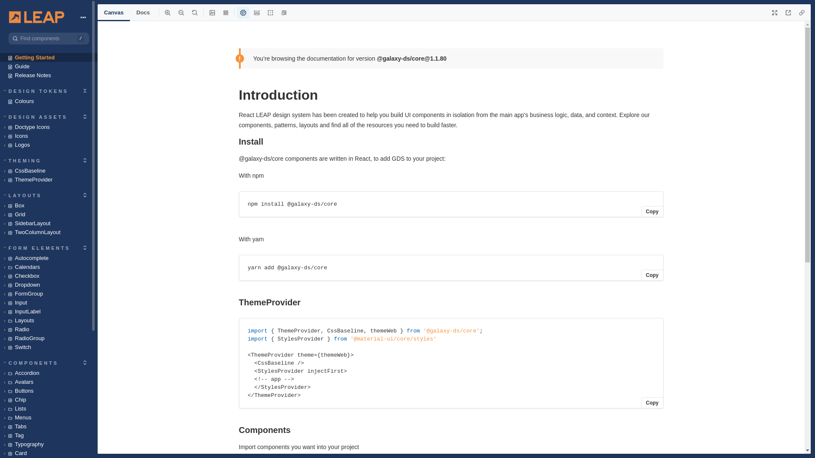  I want to click on 'Grid', so click(48, 214).